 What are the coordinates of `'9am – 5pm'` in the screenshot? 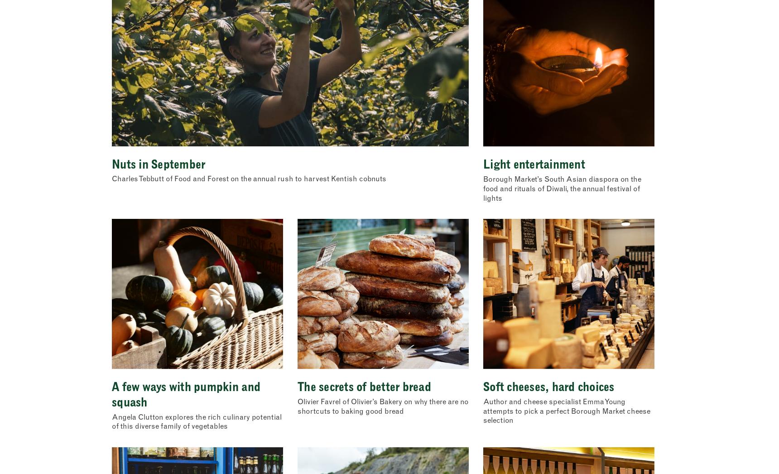 It's located at (424, 27).